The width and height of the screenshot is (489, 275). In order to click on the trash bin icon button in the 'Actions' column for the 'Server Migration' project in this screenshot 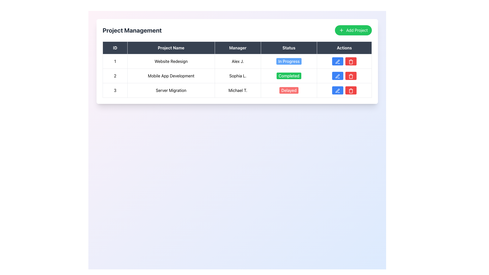, I will do `click(350, 76)`.